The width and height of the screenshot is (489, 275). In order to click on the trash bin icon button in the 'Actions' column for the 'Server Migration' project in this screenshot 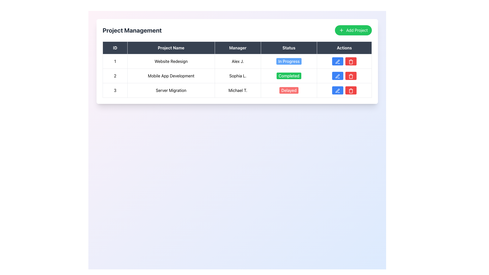, I will do `click(350, 76)`.